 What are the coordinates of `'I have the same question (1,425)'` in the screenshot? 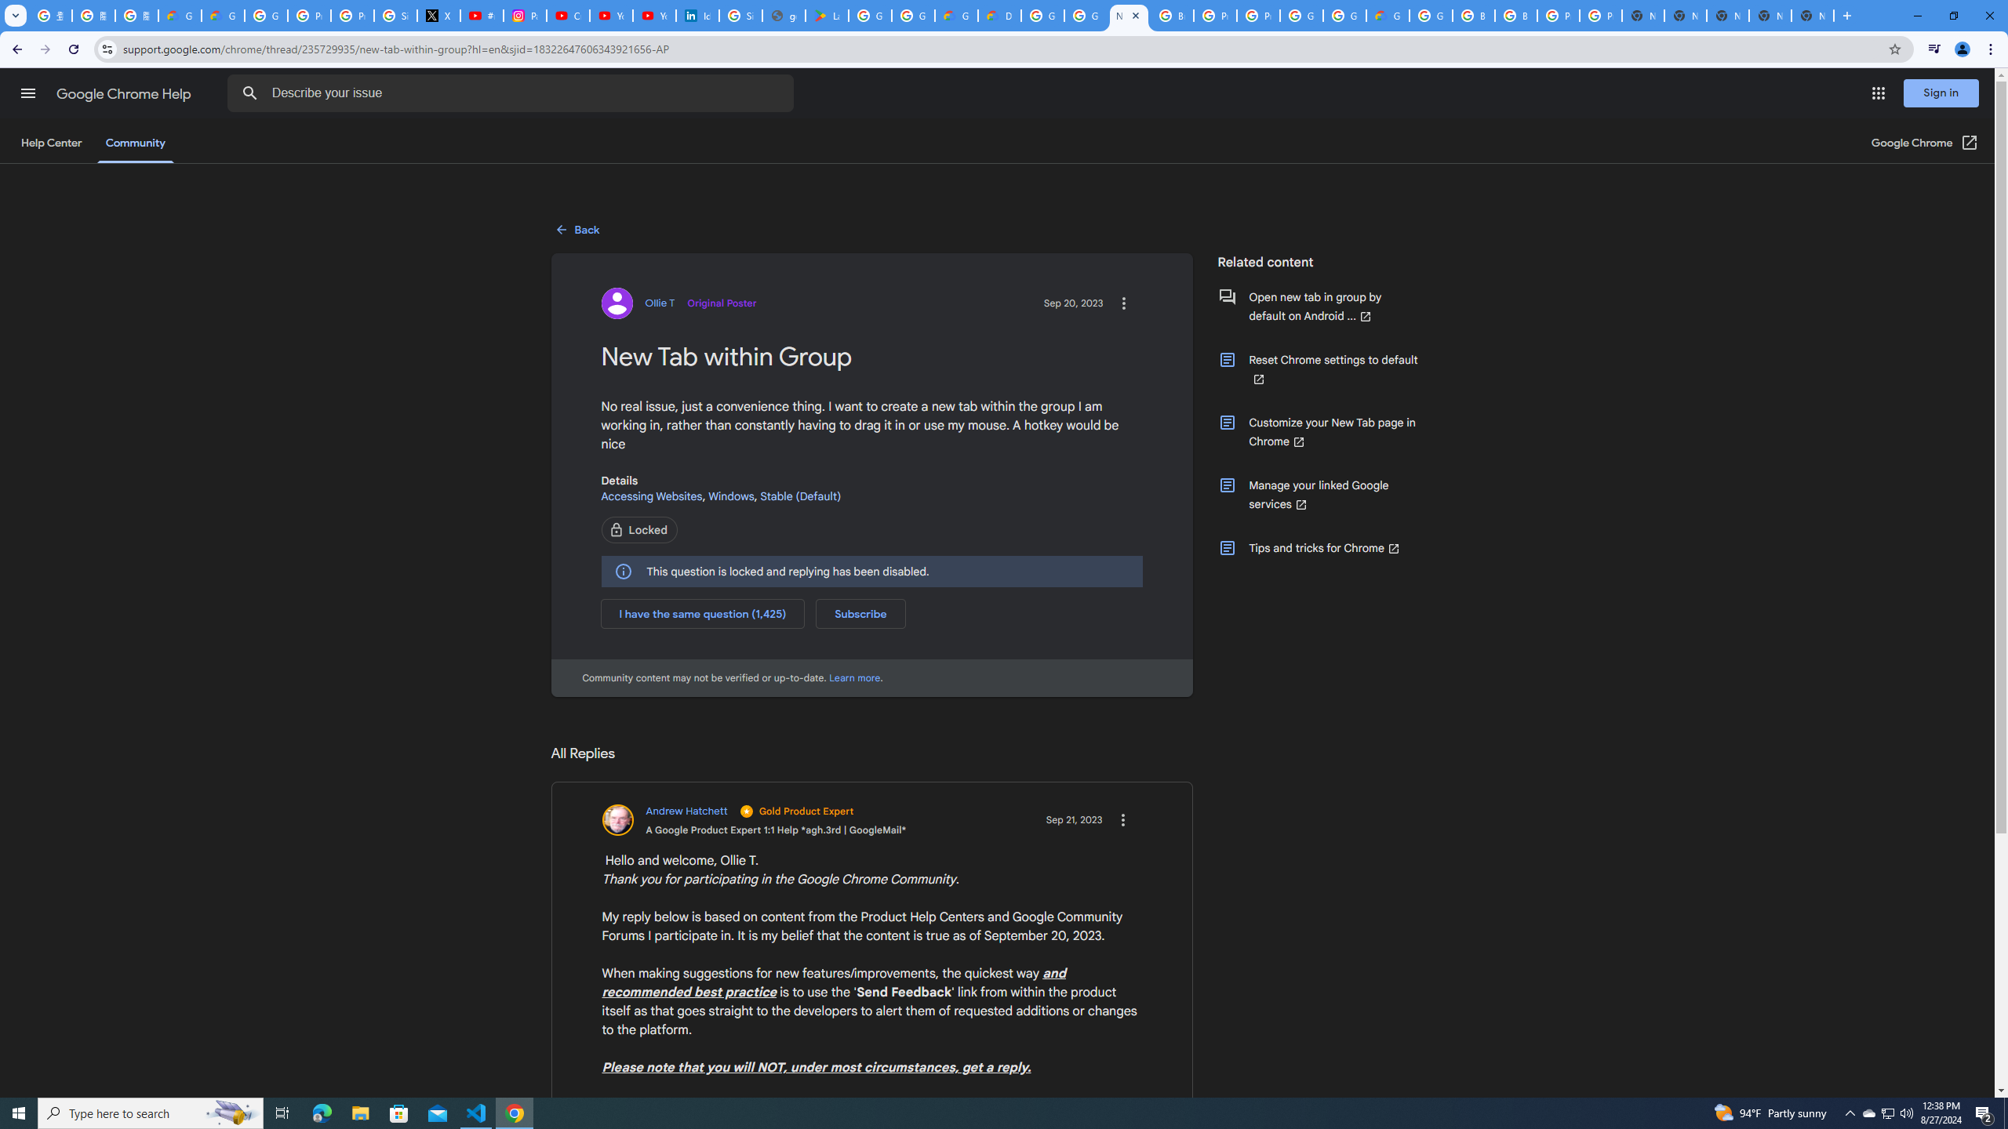 It's located at (703, 612).